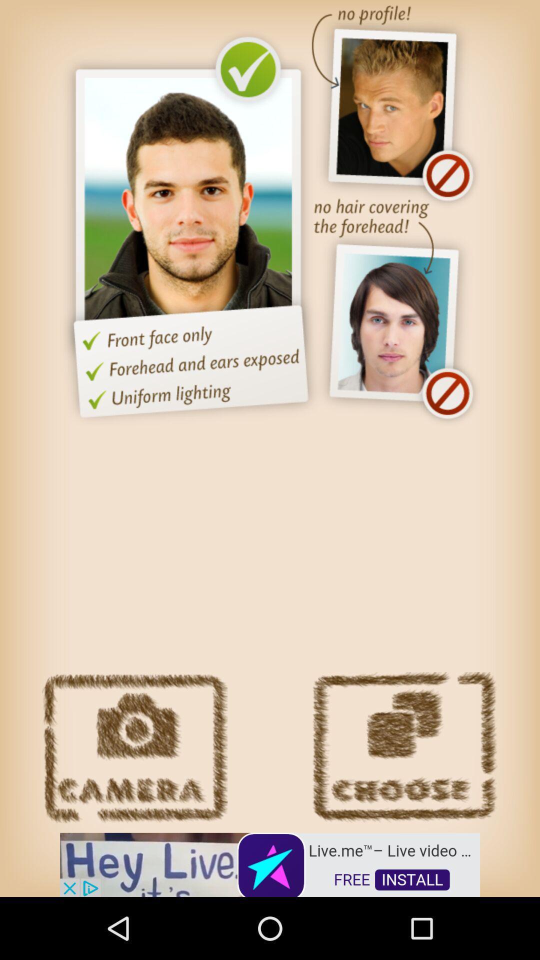 The height and width of the screenshot is (960, 540). What do you see at coordinates (134, 747) in the screenshot?
I see `access camera` at bounding box center [134, 747].